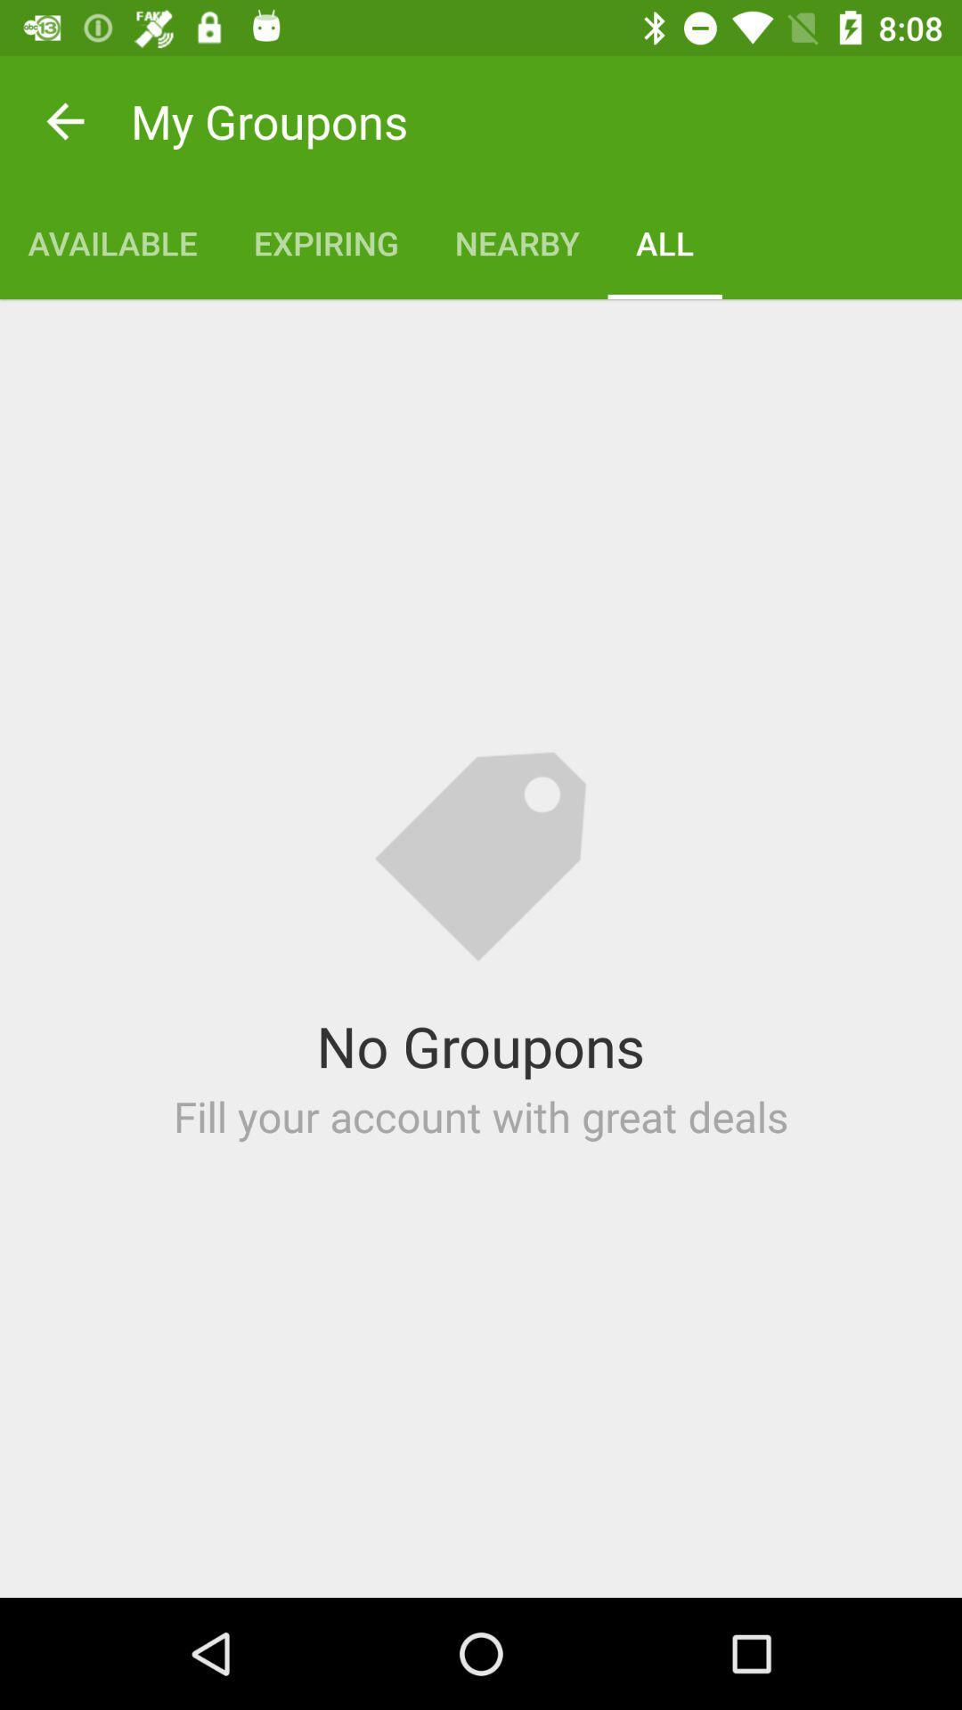  I want to click on the app next to nearby item, so click(326, 242).